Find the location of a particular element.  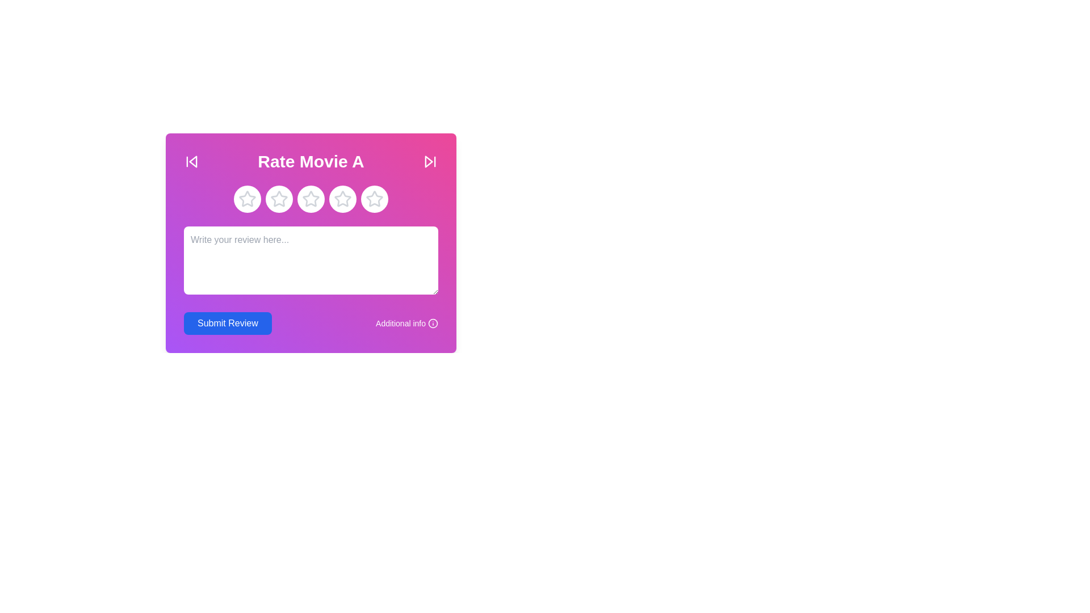

the first star-shaped rating icon in the row of five, located below the title 'Rate Movie A' is located at coordinates (246, 198).